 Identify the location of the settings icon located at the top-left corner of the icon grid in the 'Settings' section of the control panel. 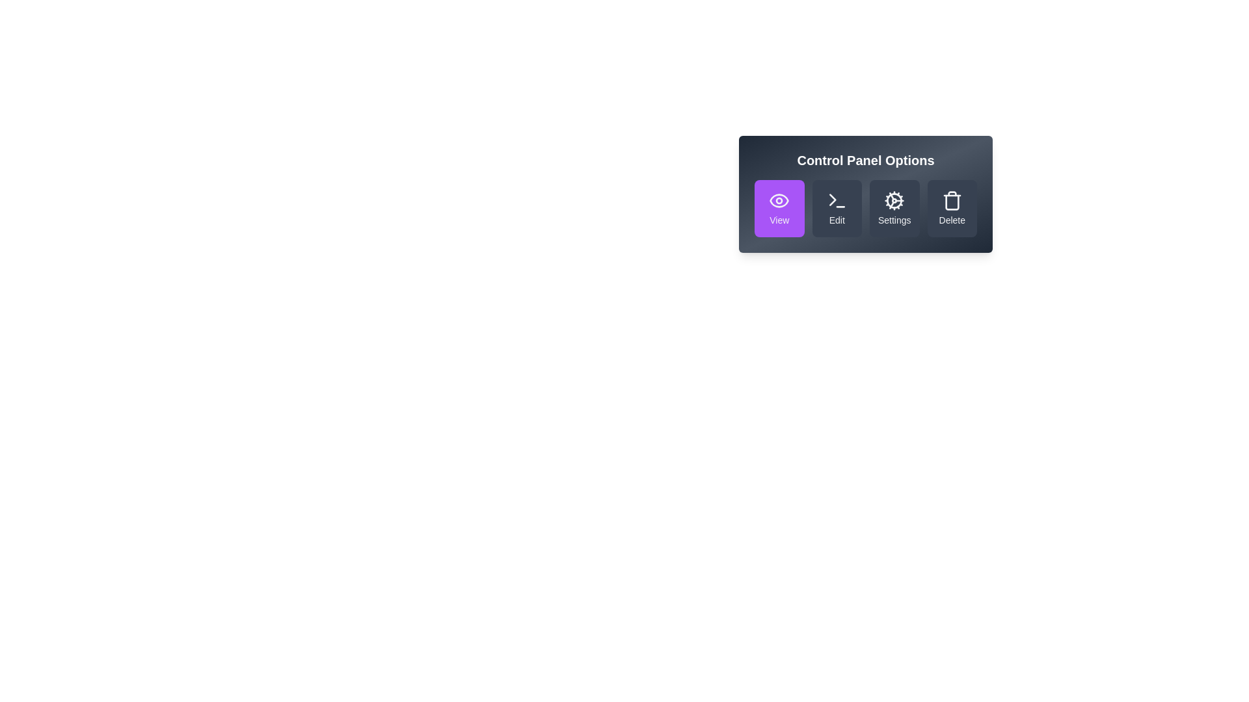
(894, 200).